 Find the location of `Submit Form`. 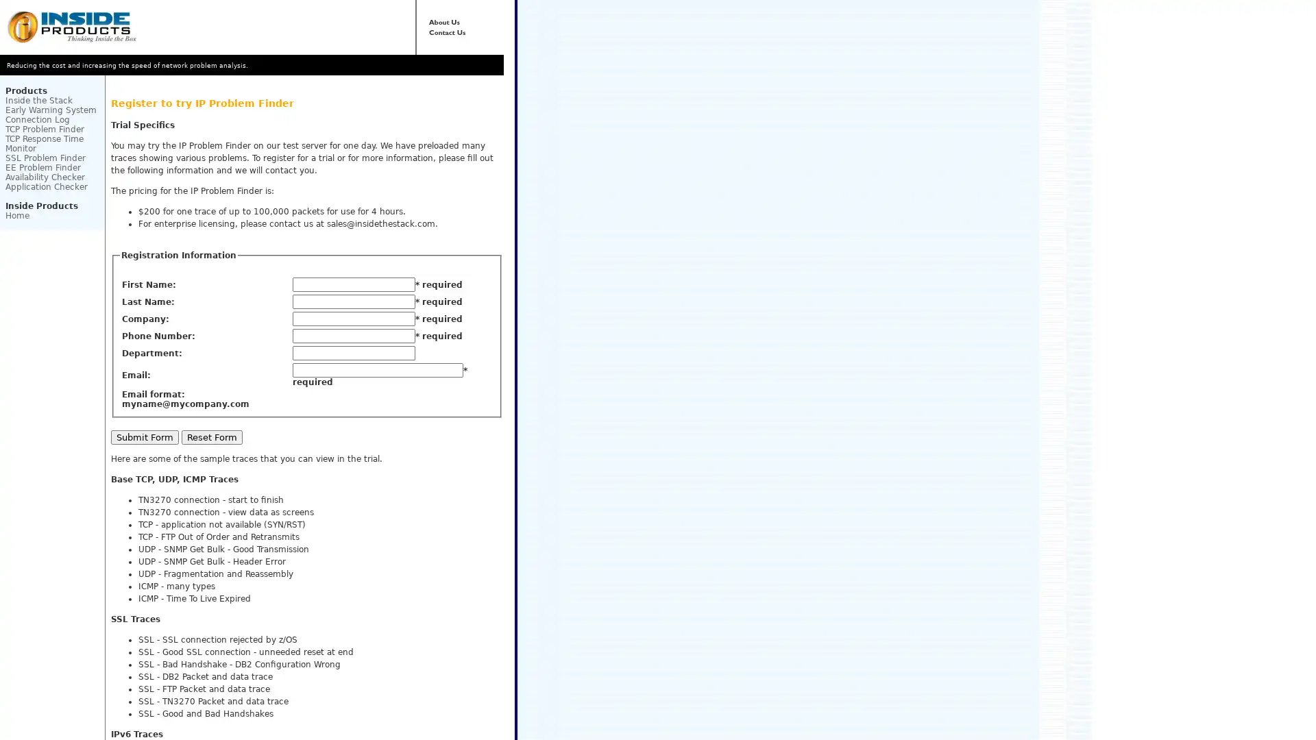

Submit Form is located at coordinates (145, 436).